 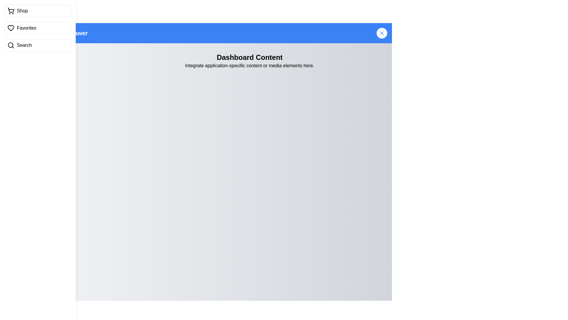 I want to click on the heart icon in the Favorites section of the left-side navigation drawer, so click(x=11, y=28).